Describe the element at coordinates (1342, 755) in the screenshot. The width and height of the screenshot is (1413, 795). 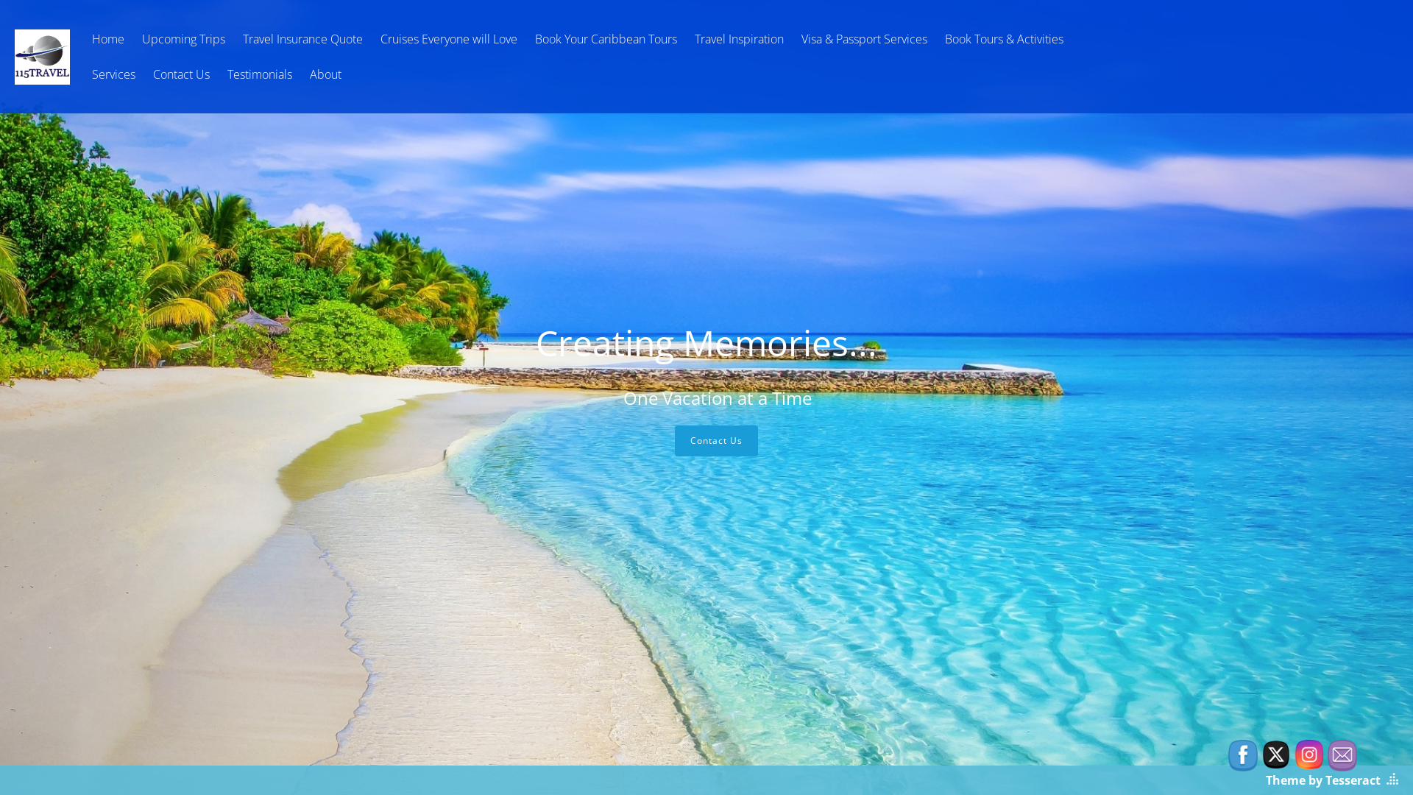
I see `'Follow by Email'` at that location.